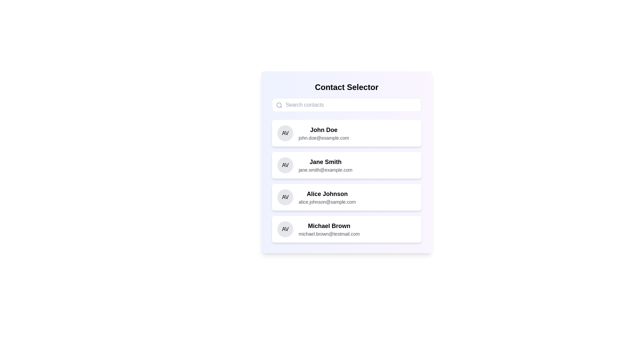  What do you see at coordinates (279, 105) in the screenshot?
I see `the circular outline of the search icon, which is an 8px radius circle located at the top-left corner of the search bar interface` at bounding box center [279, 105].